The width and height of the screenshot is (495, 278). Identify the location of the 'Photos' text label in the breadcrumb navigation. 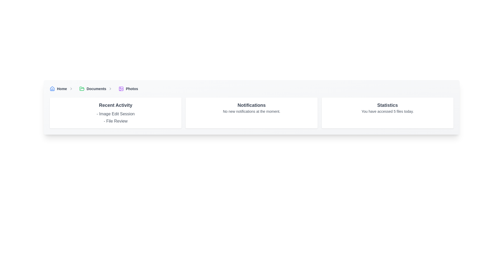
(132, 88).